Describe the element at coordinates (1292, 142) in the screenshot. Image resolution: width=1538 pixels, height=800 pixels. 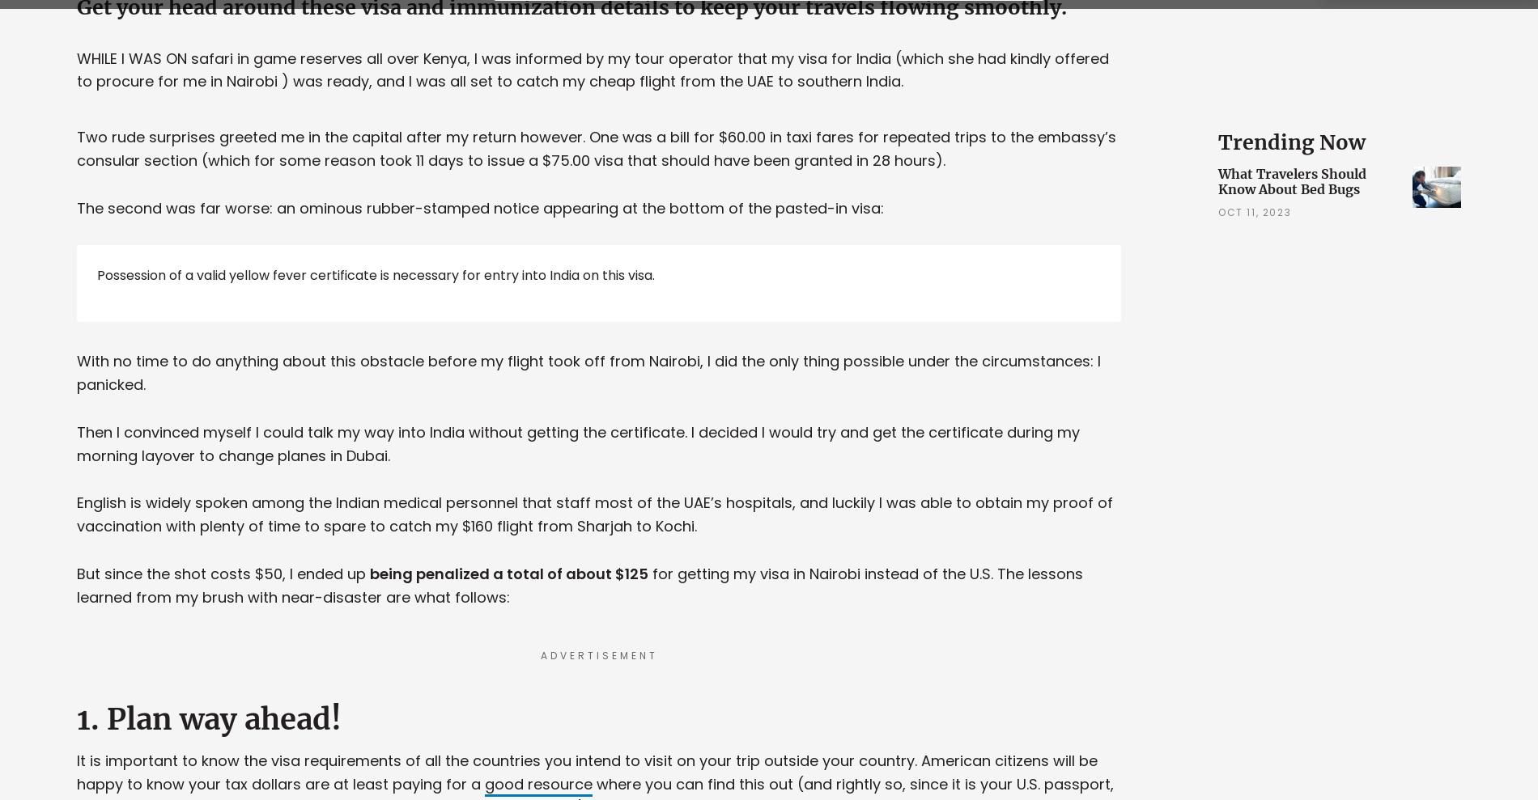
I see `'Trending Now'` at that location.